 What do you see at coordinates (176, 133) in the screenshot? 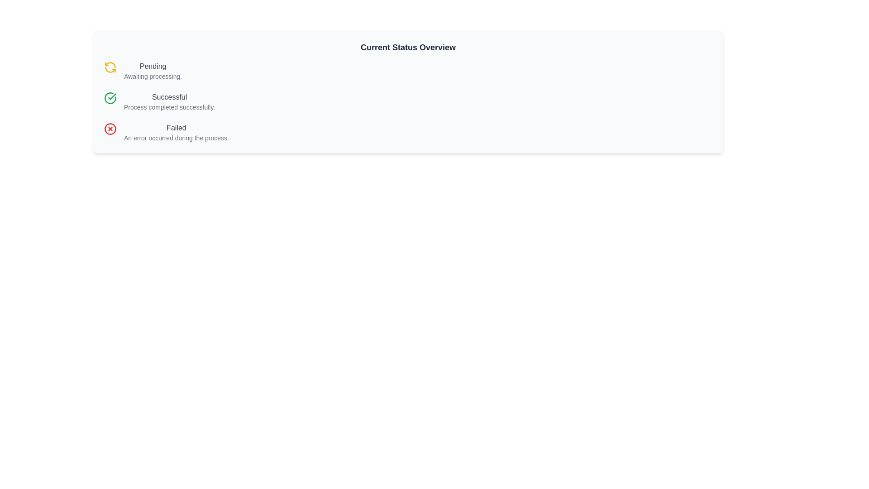
I see `the text block displaying 'Failed' and 'An error occurred during the process.' which is the last item in the list of status indicators` at bounding box center [176, 133].